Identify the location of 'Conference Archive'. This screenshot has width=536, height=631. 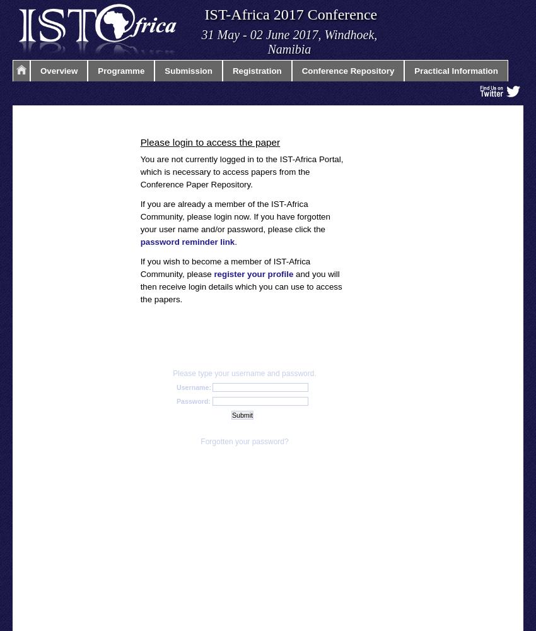
(54, 134).